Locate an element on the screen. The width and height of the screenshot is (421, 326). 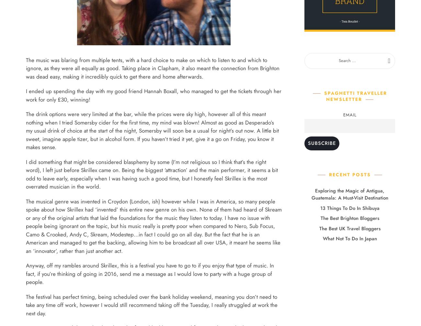
'Kazakhstan' is located at coordinates (160, 95).